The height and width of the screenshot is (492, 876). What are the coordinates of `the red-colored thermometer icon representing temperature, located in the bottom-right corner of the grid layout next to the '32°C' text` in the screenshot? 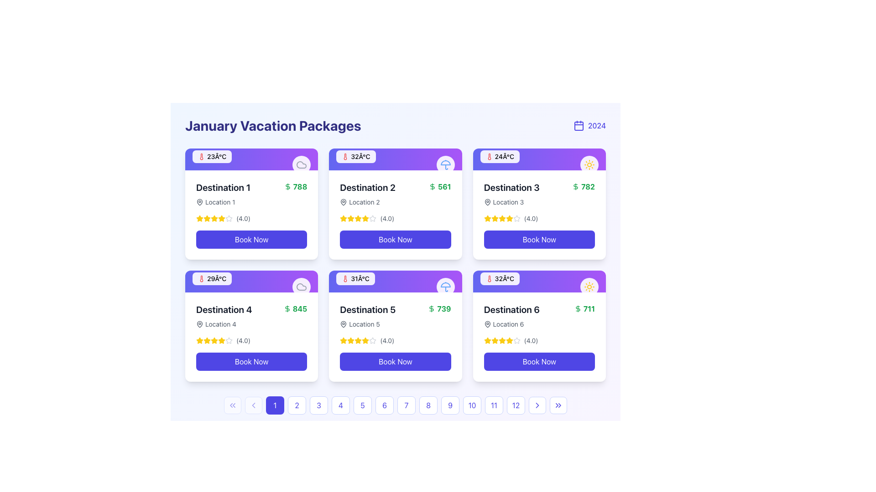 It's located at (489, 278).